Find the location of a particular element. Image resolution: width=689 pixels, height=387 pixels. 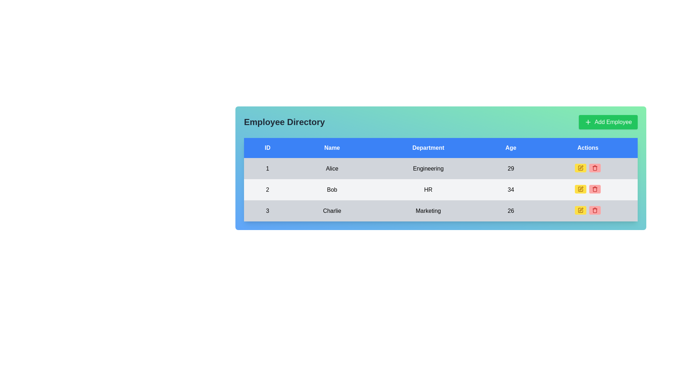

the text label displaying the name 'Alice' in the second column of the first row of the employee table is located at coordinates (332, 168).